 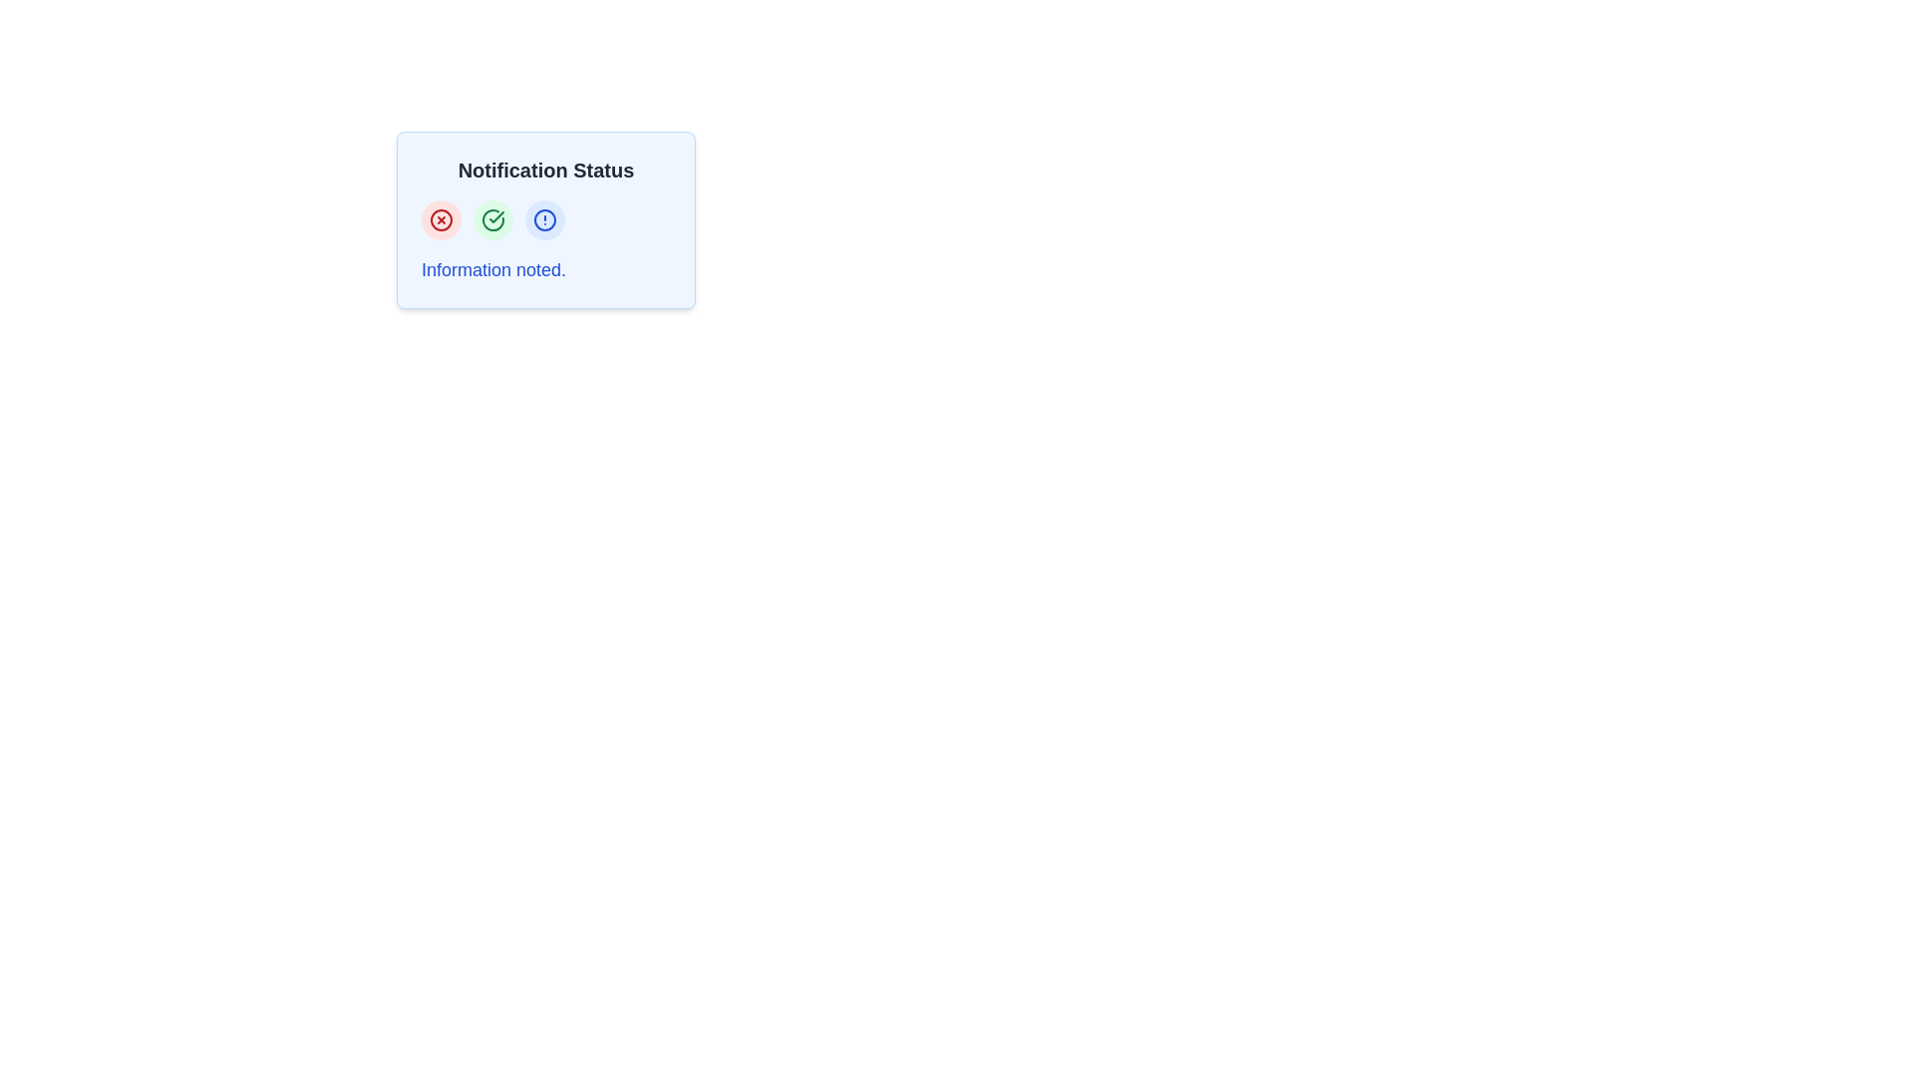 What do you see at coordinates (440, 219) in the screenshot?
I see `the visual state of the error icon representing a negative status indicator located in the notification card, positioned as the leftmost item under the 'Notification Status' heading` at bounding box center [440, 219].